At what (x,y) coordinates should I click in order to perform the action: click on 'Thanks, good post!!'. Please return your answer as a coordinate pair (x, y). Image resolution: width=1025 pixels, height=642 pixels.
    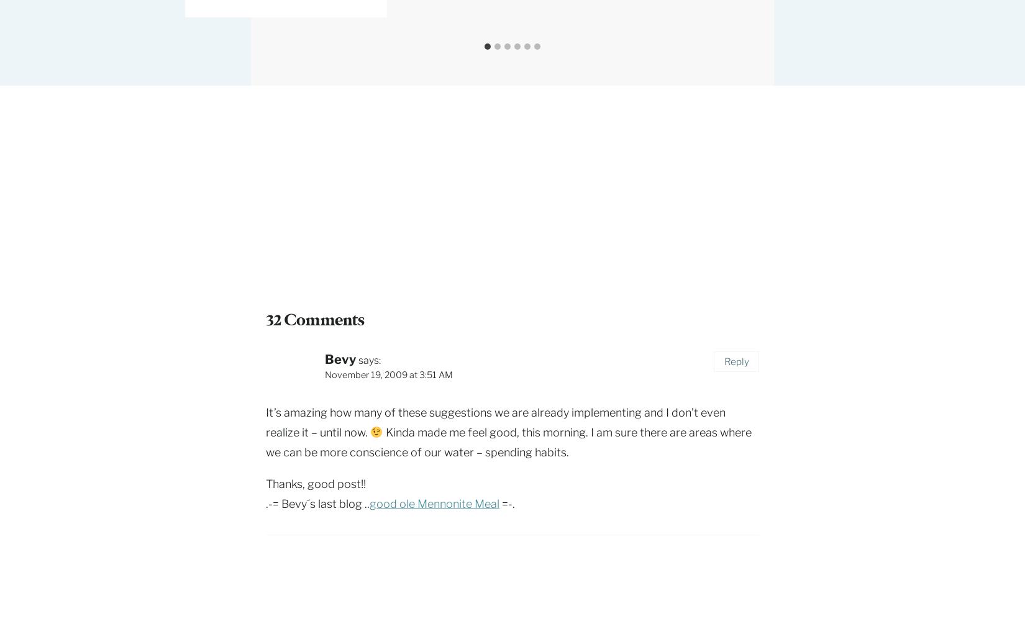
    Looking at the image, I should click on (315, 482).